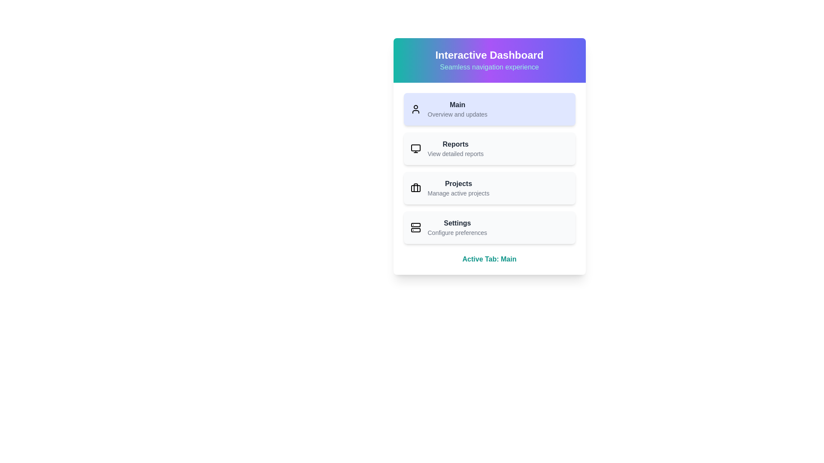  What do you see at coordinates (489, 227) in the screenshot?
I see `the menu item labeled Settings` at bounding box center [489, 227].